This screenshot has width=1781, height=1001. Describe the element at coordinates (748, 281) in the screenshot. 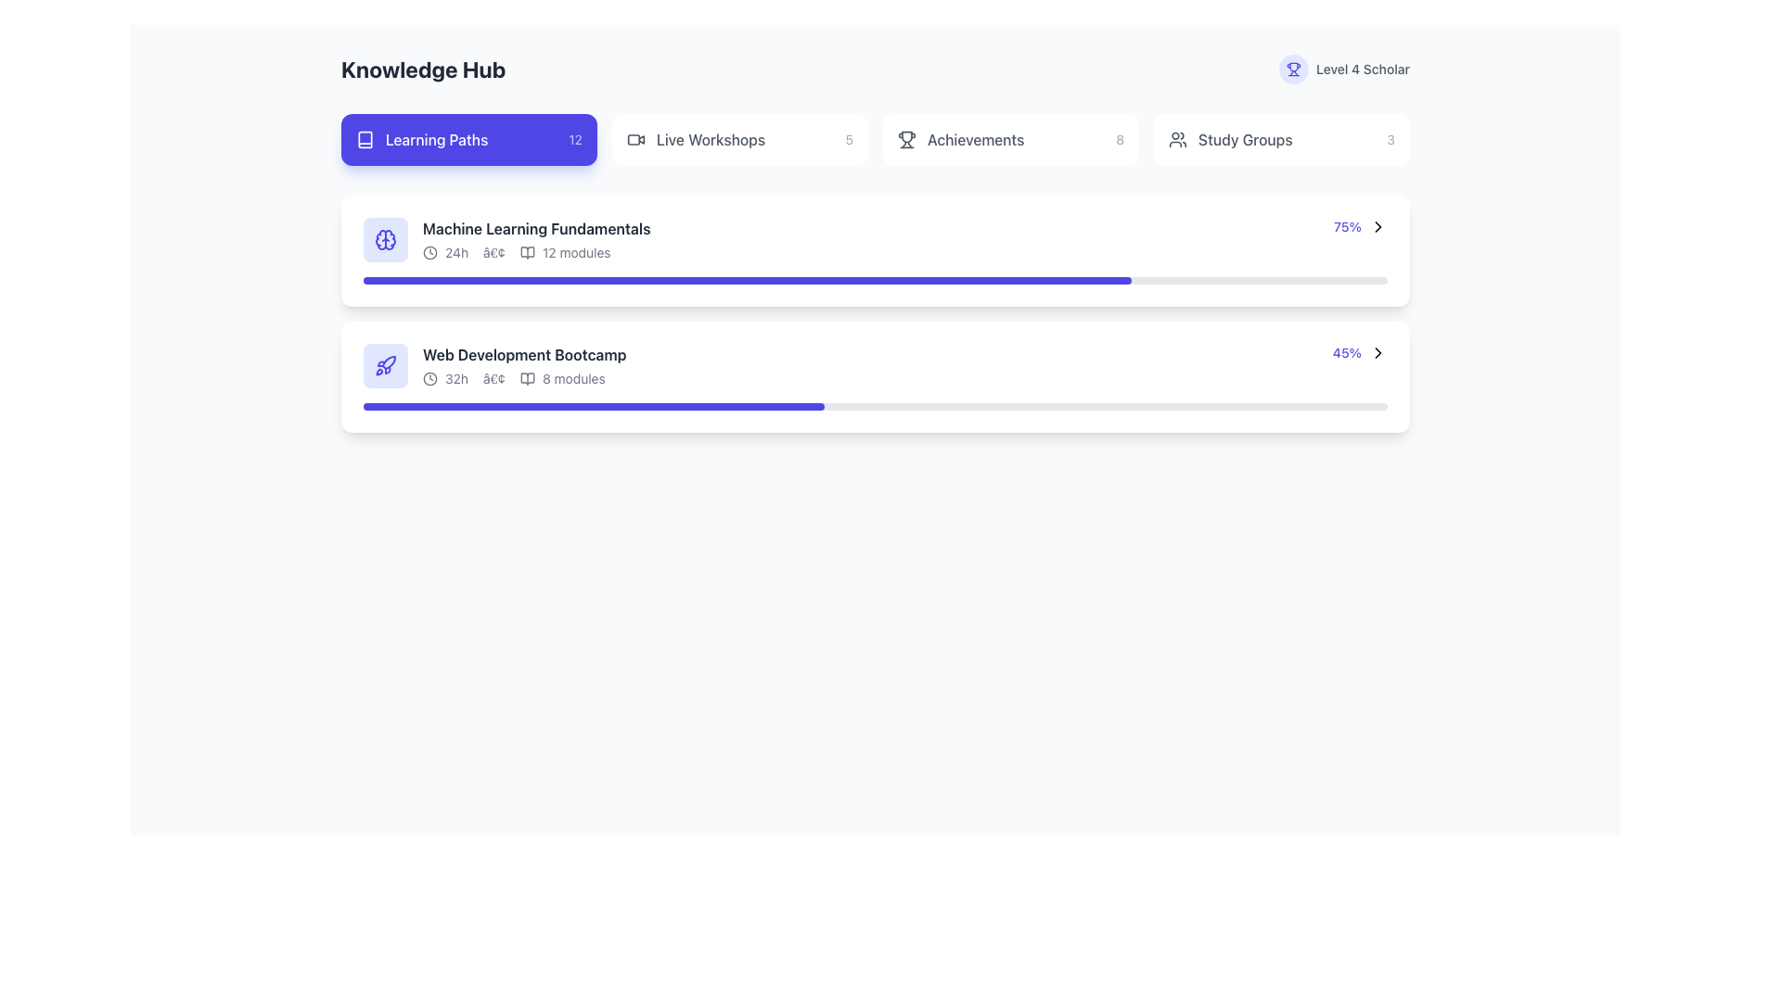

I see `the indigo-colored progress bar filled to 75% for the 'Machine Learning Fundamentals' section` at that location.